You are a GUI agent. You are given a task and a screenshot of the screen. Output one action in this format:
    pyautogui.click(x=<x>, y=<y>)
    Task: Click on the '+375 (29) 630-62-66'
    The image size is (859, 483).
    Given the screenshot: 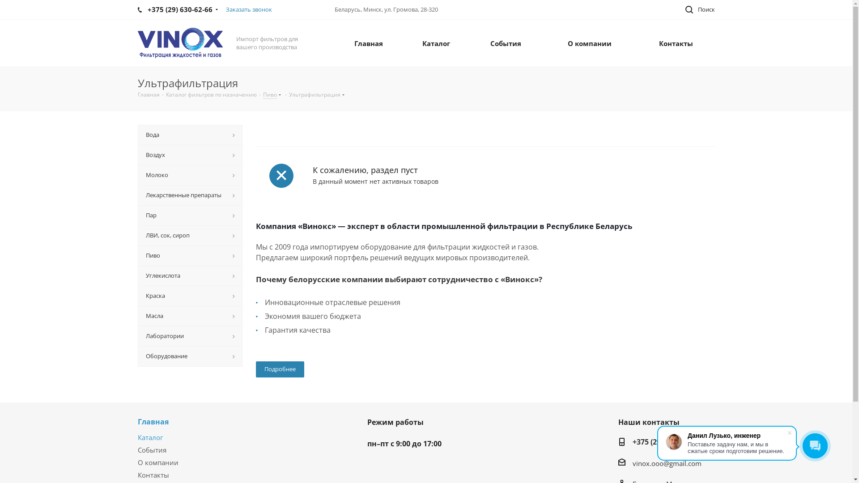 What is the action you would take?
    pyautogui.click(x=665, y=442)
    